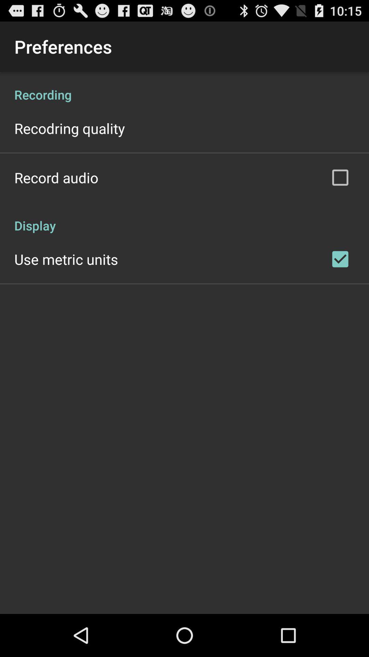 The height and width of the screenshot is (657, 369). Describe the element at coordinates (70, 128) in the screenshot. I see `recodring quality app` at that location.